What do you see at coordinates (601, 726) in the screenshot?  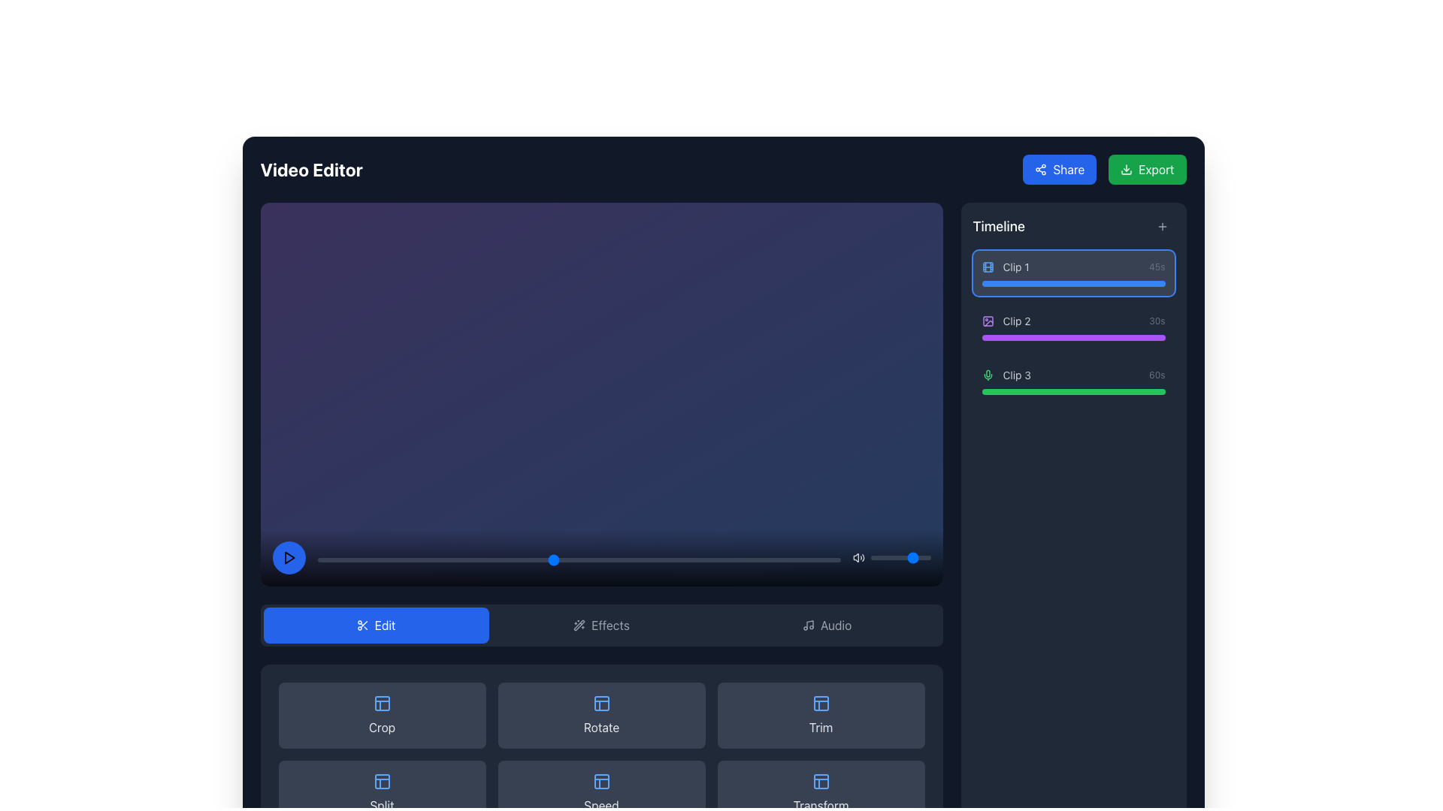 I see `the text label that describes the button functionality for applying a rotation effect, located in the second row's third column of the button array` at bounding box center [601, 726].